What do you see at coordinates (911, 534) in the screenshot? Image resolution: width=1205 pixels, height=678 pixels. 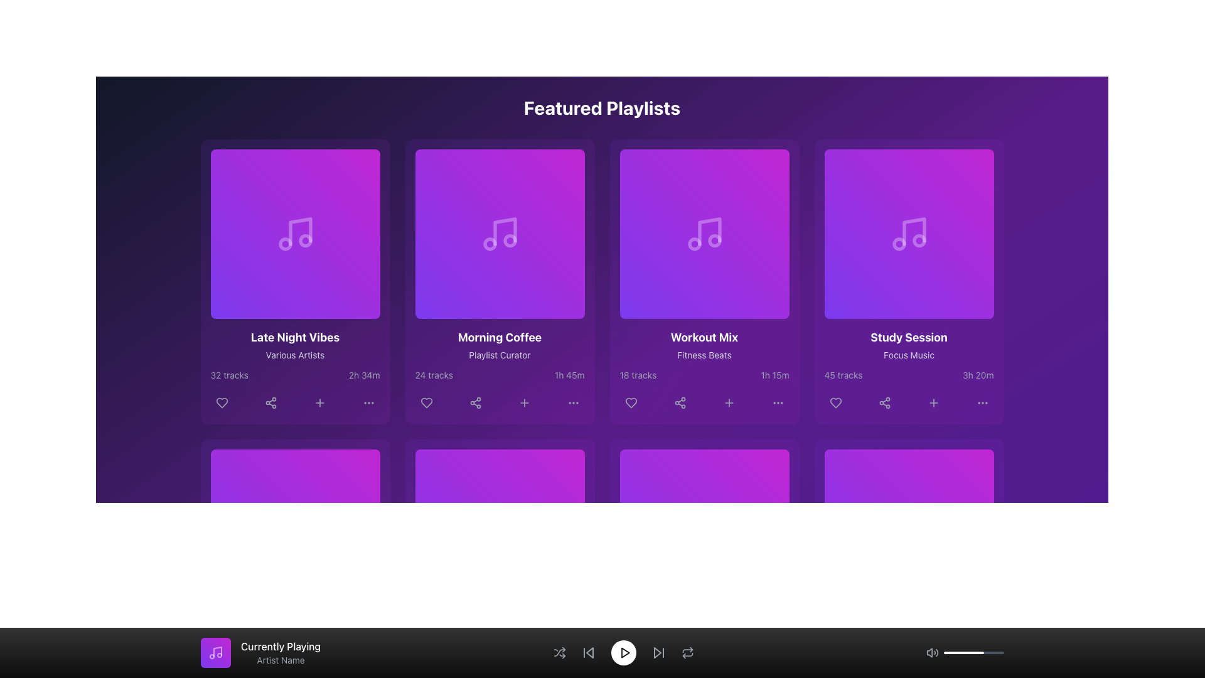 I see `the triangular play button icon located in the bottom navigation bar, which is part of the media control section of the interface` at bounding box center [911, 534].